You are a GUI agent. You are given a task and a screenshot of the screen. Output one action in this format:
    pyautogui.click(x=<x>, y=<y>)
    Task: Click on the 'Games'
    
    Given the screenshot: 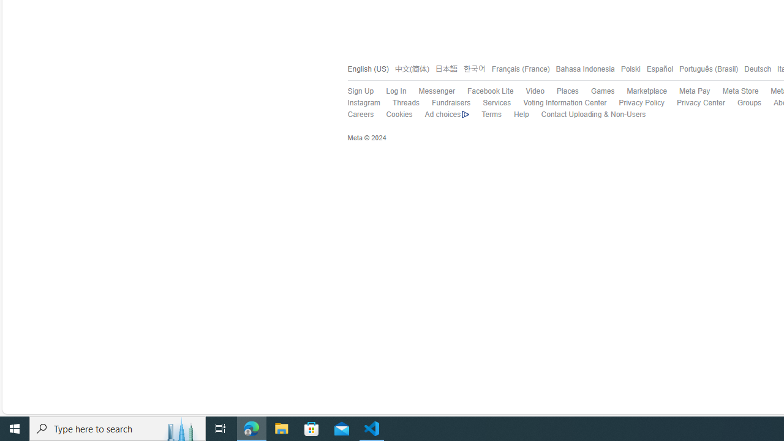 What is the action you would take?
    pyautogui.click(x=597, y=91)
    